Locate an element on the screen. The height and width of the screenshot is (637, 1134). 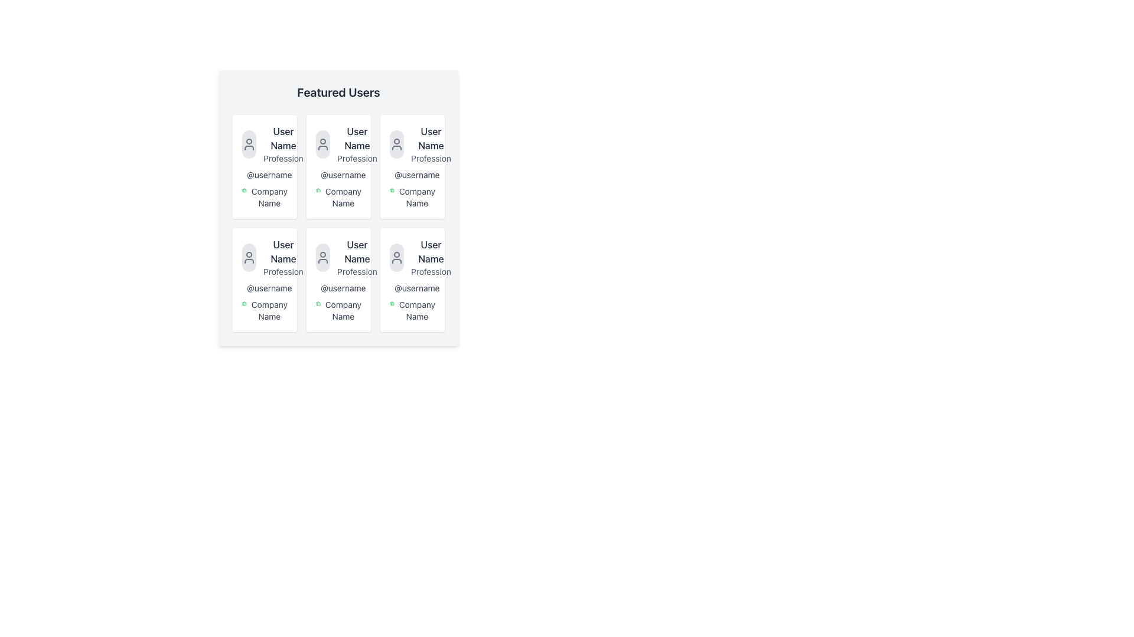
the circular user profile icon with a gray background located in the top-left cell of the 'Featured Users' section is located at coordinates (249, 144).